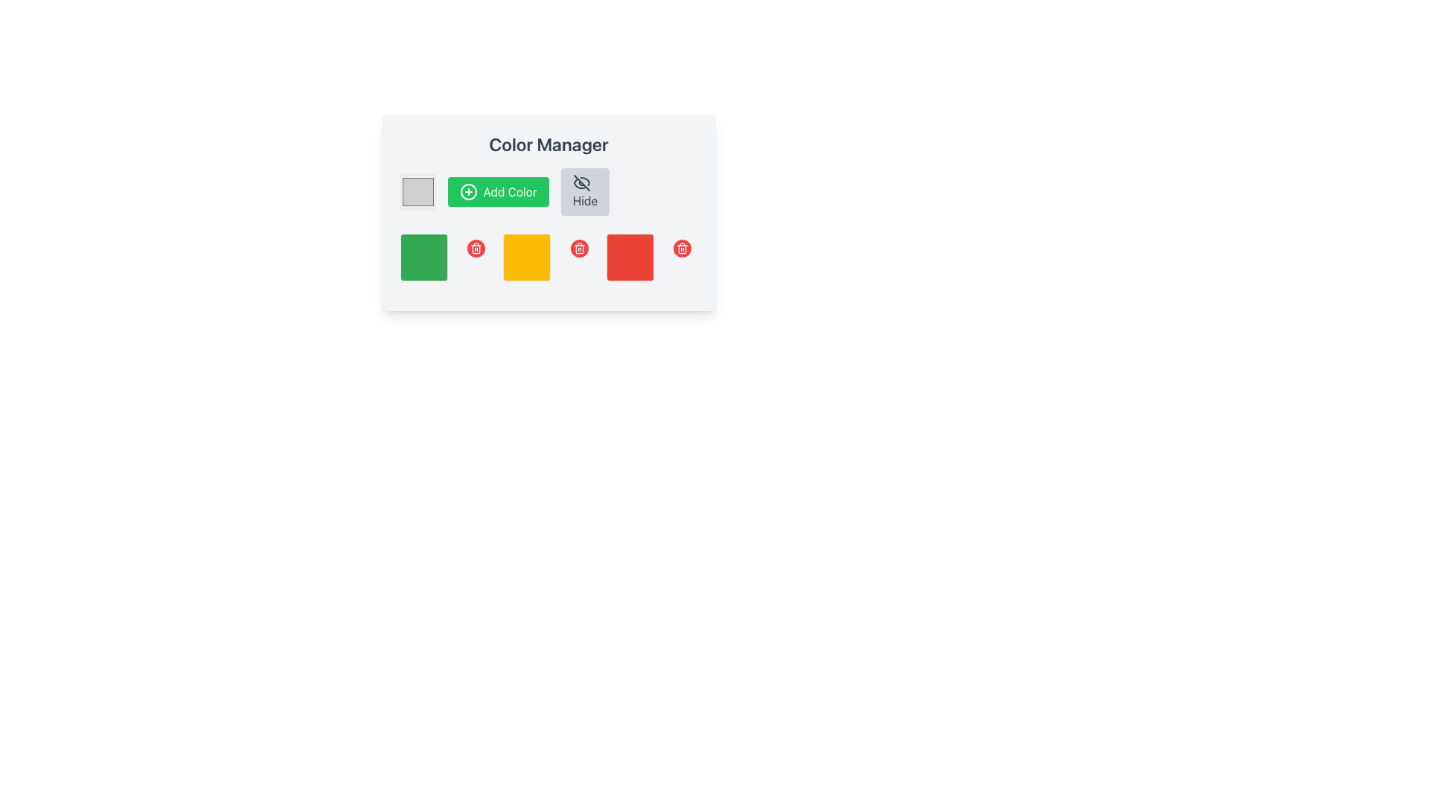  Describe the element at coordinates (548, 257) in the screenshot. I see `the selectable grid item, which is a yellow square located in the second position of a horizontal row, surrounded by a green square on the left and a red square on the right` at that location.